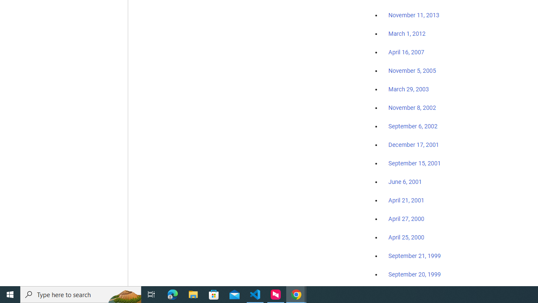 The image size is (538, 303). I want to click on 'March 1, 2012', so click(407, 34).